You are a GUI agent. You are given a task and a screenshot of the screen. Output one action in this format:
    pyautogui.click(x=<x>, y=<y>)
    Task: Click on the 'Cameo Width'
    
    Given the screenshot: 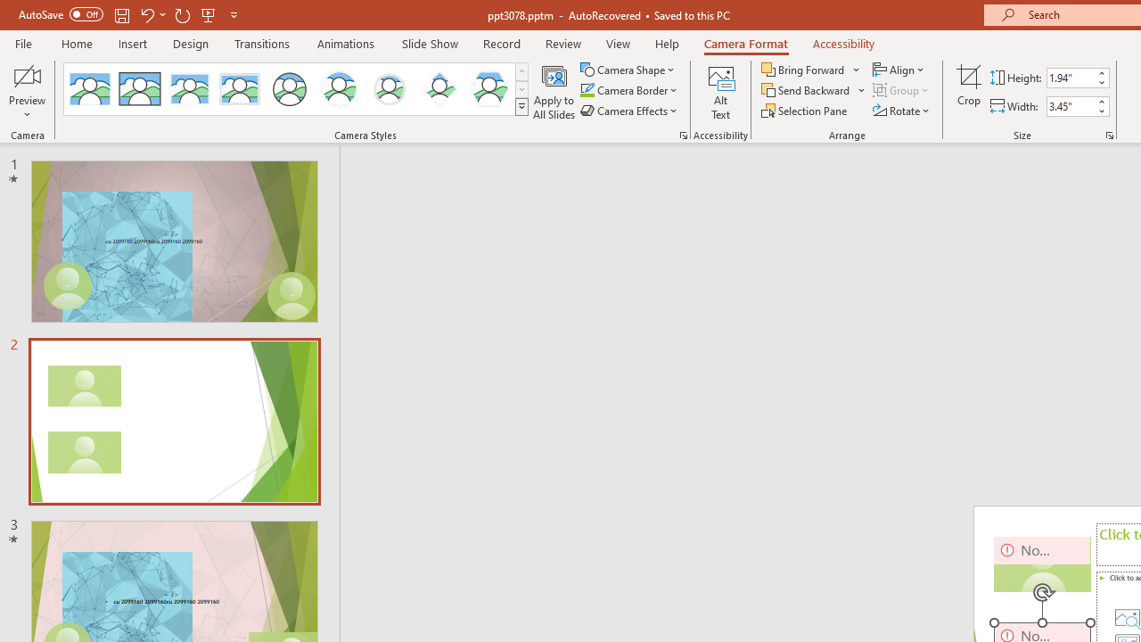 What is the action you would take?
    pyautogui.click(x=1070, y=106)
    